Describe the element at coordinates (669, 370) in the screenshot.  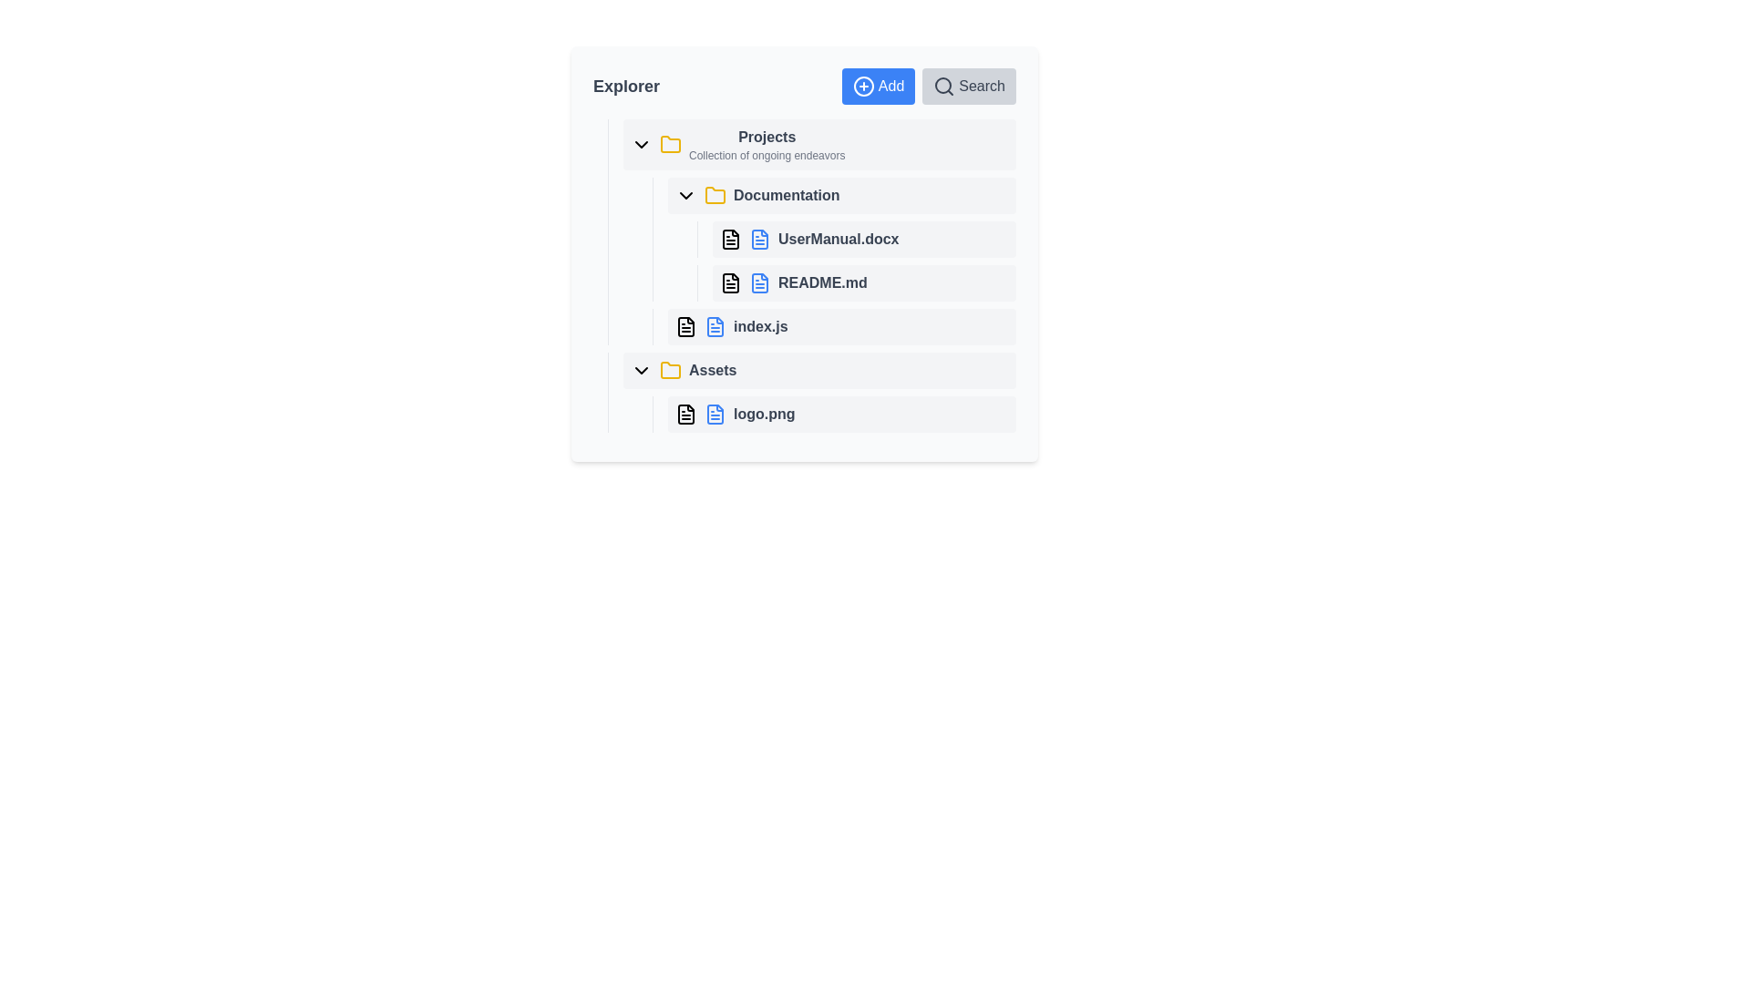
I see `the yellow folder icon located in the 'Assets' section, which is positioned before the text label 'Assets'` at that location.